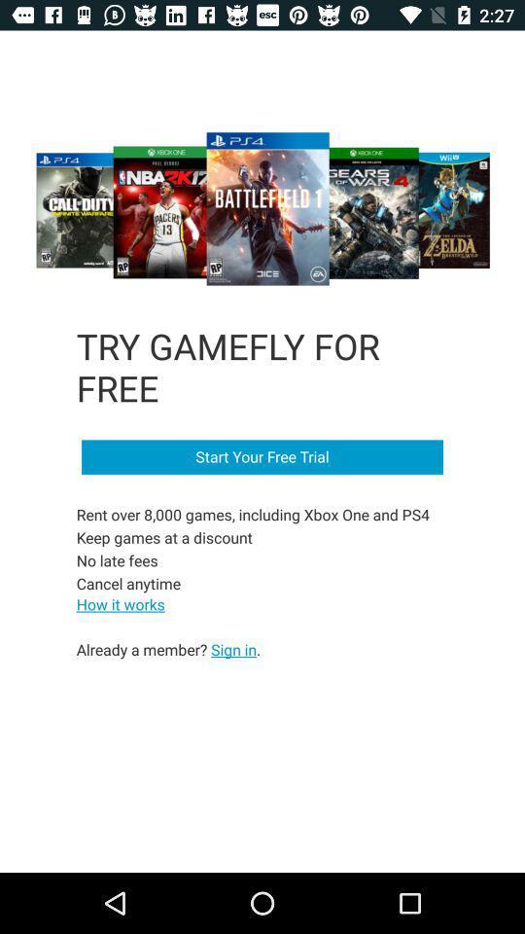  I want to click on the already a member icon, so click(168, 649).